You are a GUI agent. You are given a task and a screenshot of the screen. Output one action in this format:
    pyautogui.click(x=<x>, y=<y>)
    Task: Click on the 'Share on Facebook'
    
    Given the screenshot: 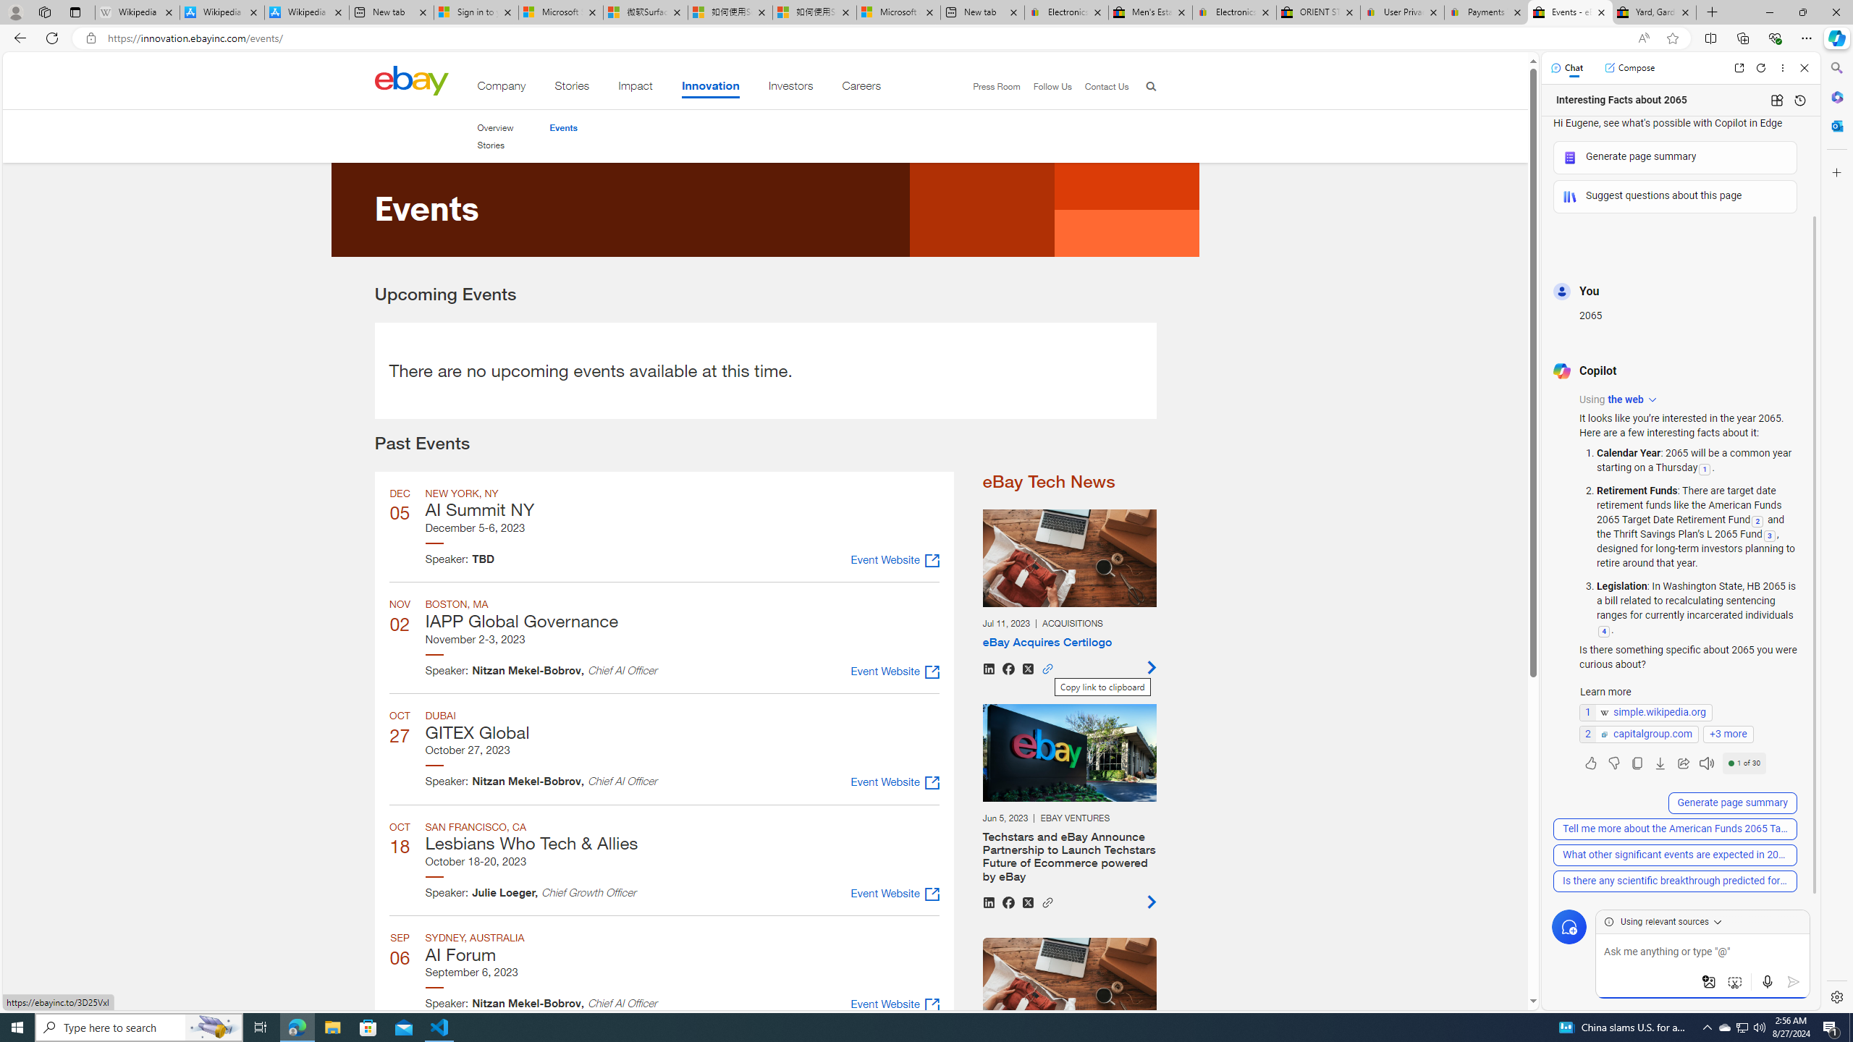 What is the action you would take?
    pyautogui.click(x=1008, y=902)
    